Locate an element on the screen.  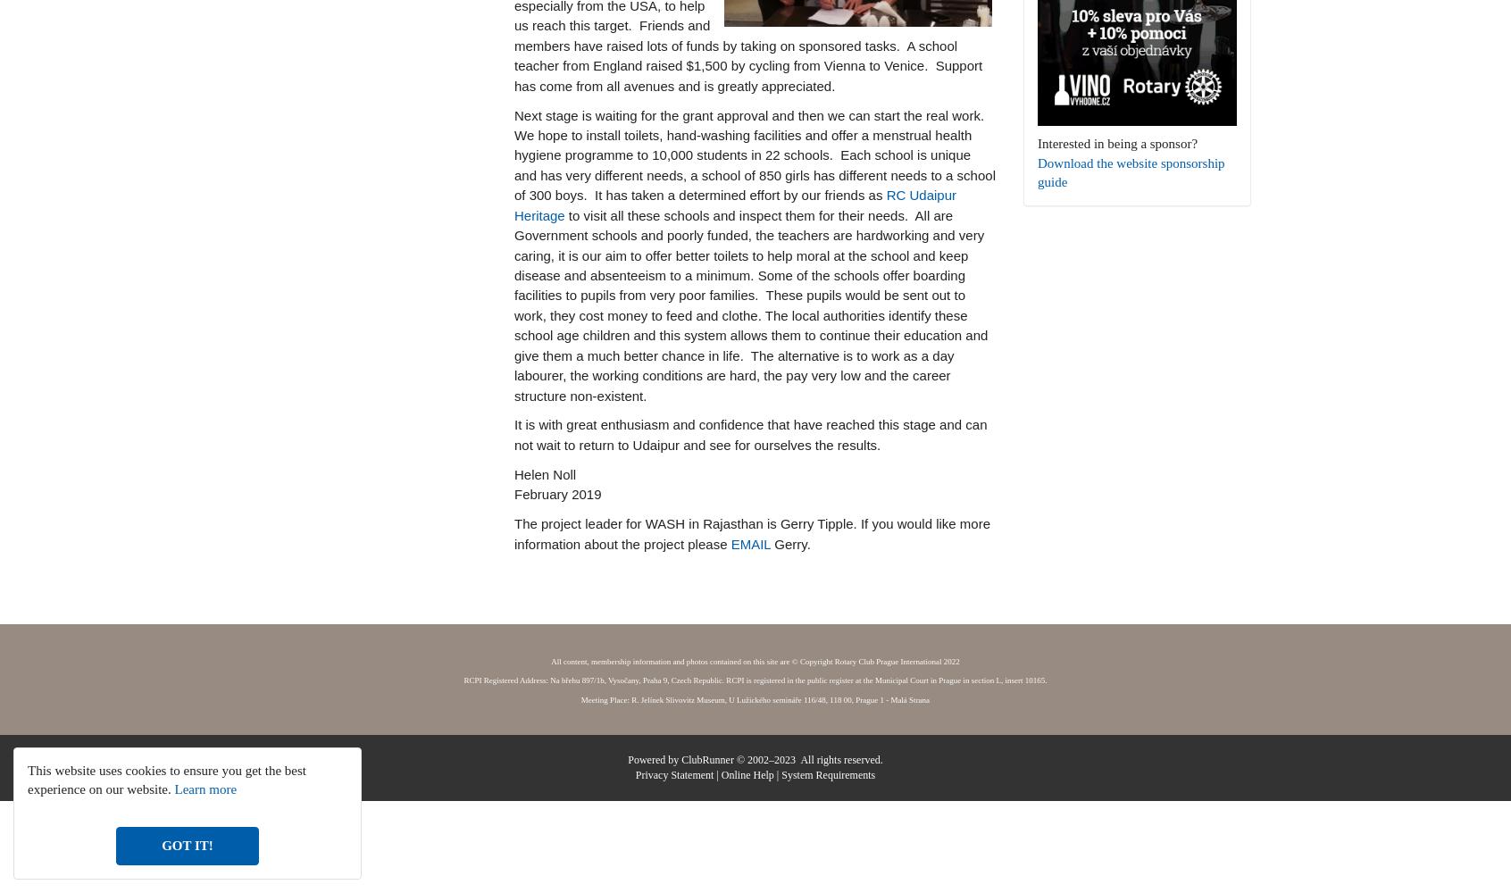
'This website uses cookies to ensure you get the best experience on our website.' is located at coordinates (165, 779).